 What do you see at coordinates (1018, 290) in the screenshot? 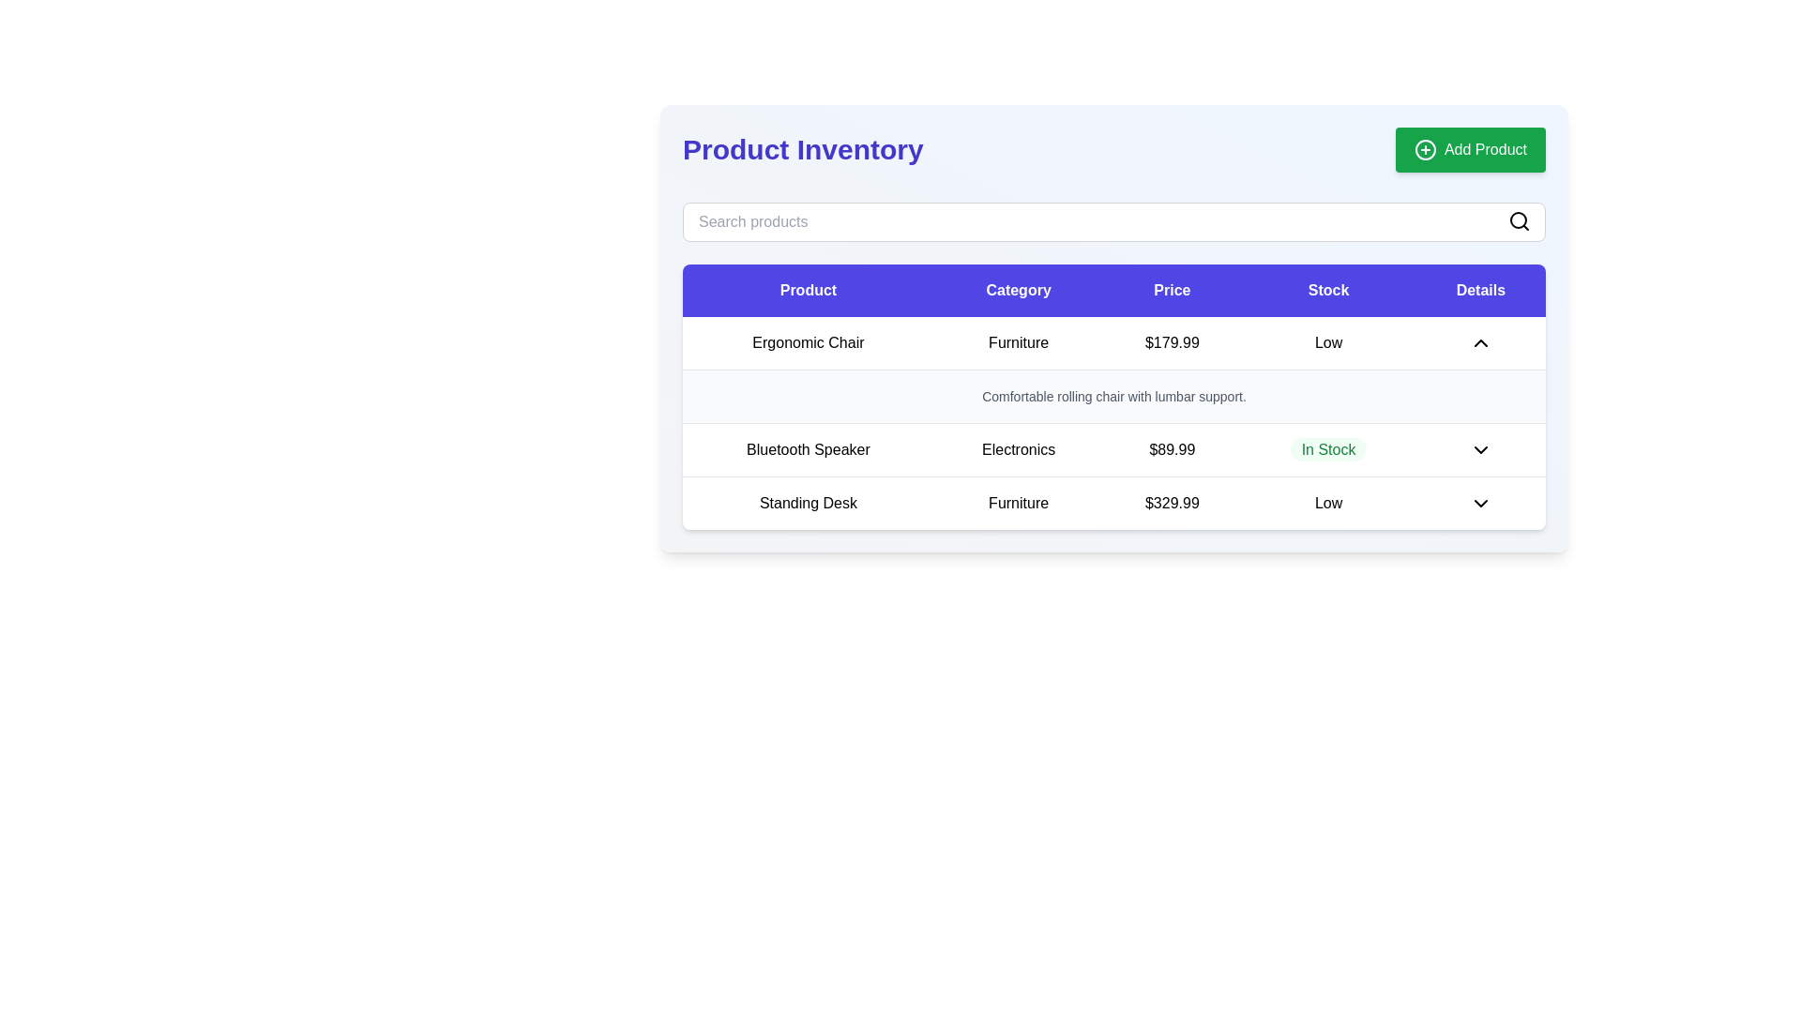
I see `the 'Category' column header, which is styled white on a purple background and is the second column in the table header` at bounding box center [1018, 290].